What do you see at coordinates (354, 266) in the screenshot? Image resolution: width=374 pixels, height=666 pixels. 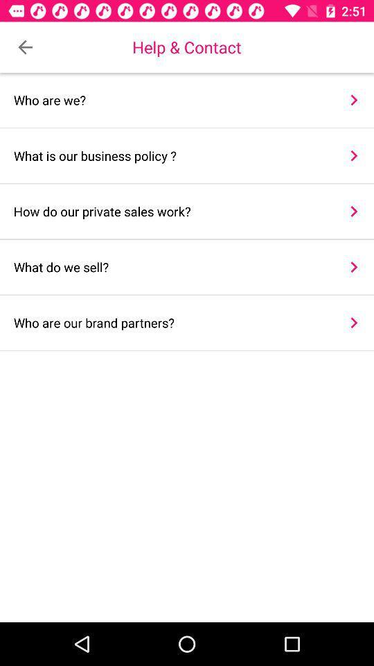 I see `item above who are our` at bounding box center [354, 266].